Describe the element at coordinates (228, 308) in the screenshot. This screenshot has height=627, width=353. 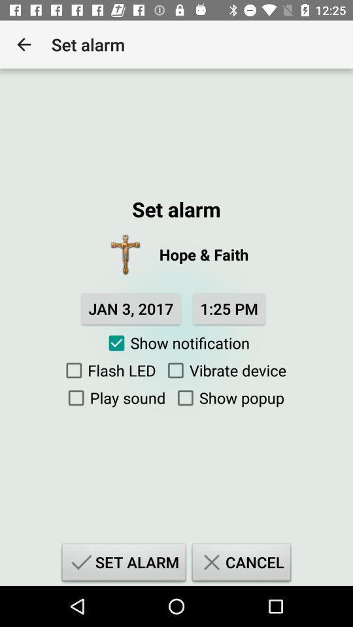
I see `the item below hope & faith` at that location.